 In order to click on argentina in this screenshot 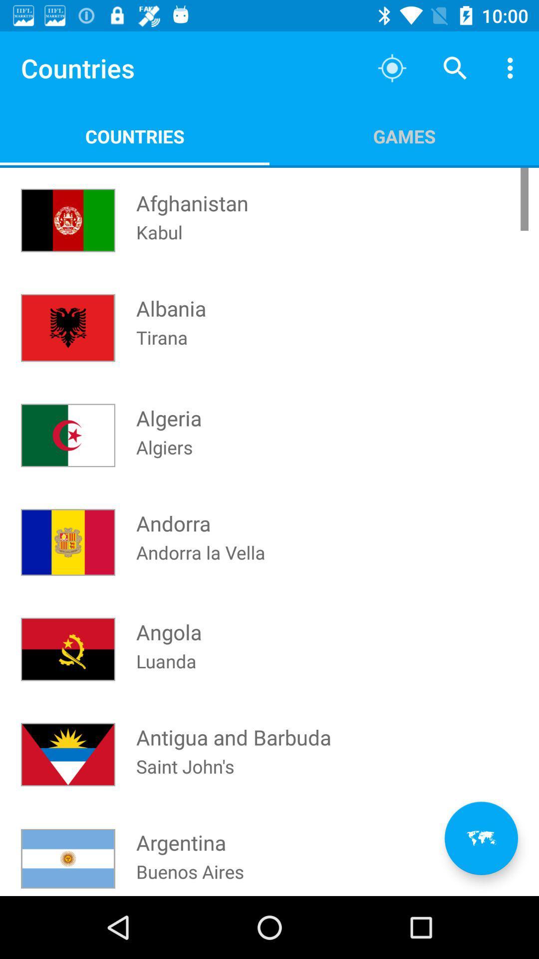, I will do `click(181, 833)`.